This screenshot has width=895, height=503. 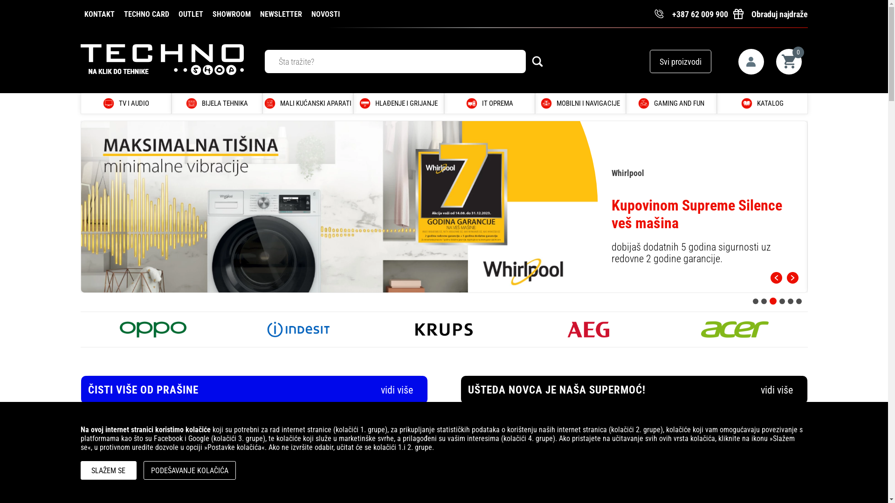 What do you see at coordinates (771, 300) in the screenshot?
I see `'3'` at bounding box center [771, 300].